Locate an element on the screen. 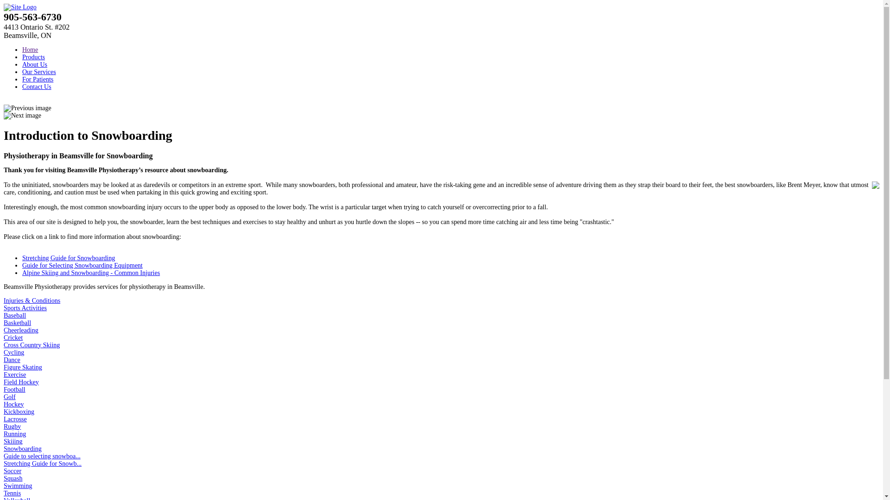 The height and width of the screenshot is (500, 890). 'Basketball' is located at coordinates (17, 322).